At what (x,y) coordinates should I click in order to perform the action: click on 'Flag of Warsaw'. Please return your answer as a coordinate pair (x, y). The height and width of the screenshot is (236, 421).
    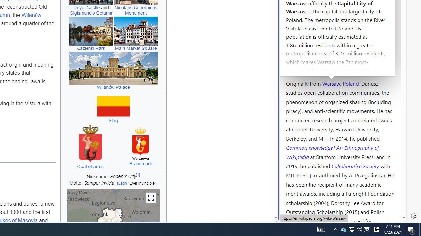
    Looking at the image, I should click on (113, 106).